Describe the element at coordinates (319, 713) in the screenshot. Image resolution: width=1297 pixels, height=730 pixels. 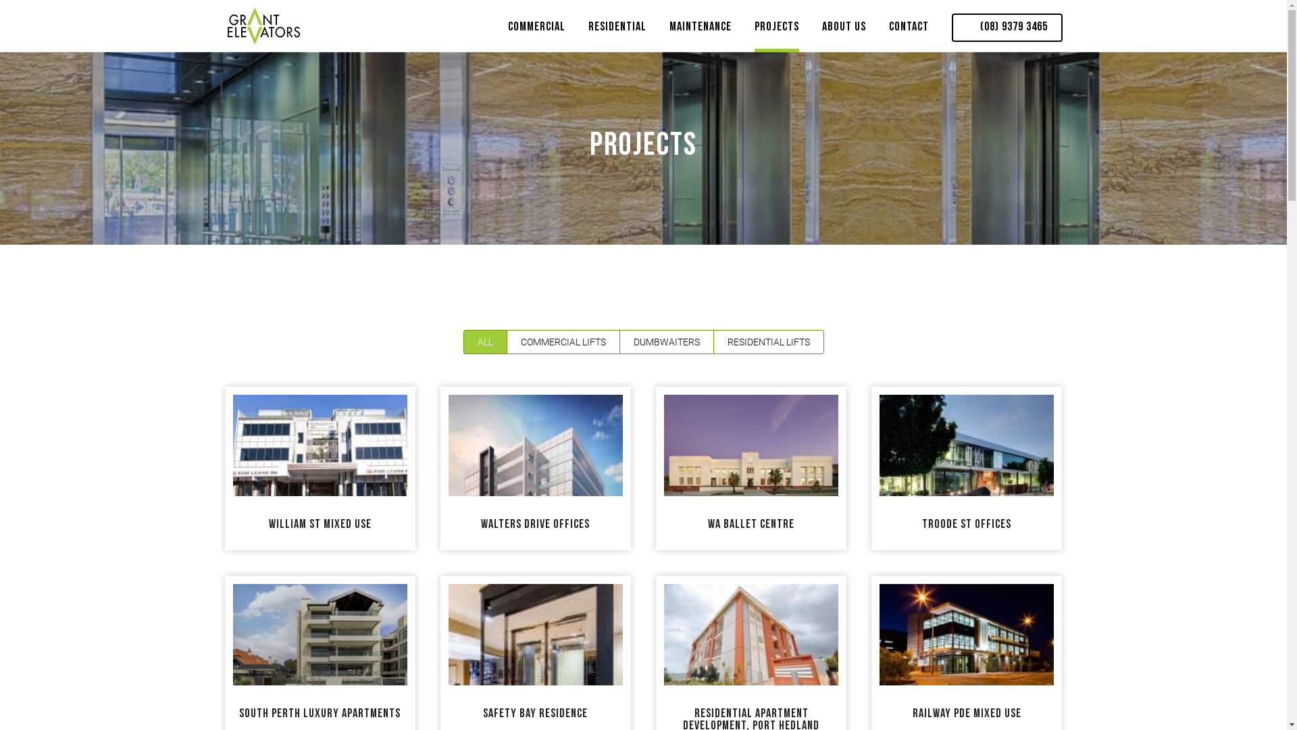
I see `'SOUTH PERTH LUXURY APARTMENTS'` at that location.